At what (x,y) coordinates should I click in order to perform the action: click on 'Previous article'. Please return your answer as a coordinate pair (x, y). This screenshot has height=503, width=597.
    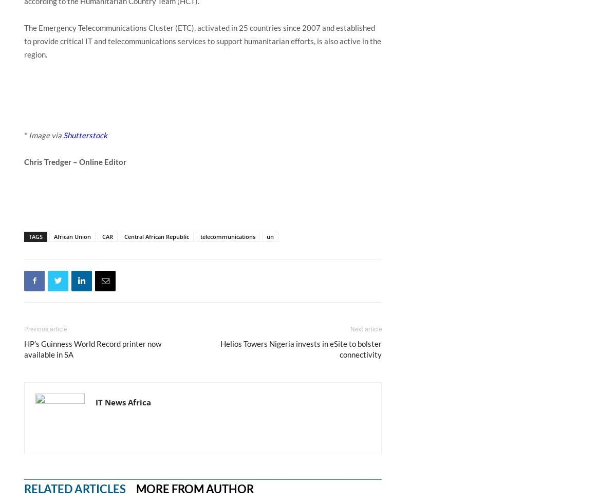
    Looking at the image, I should click on (45, 328).